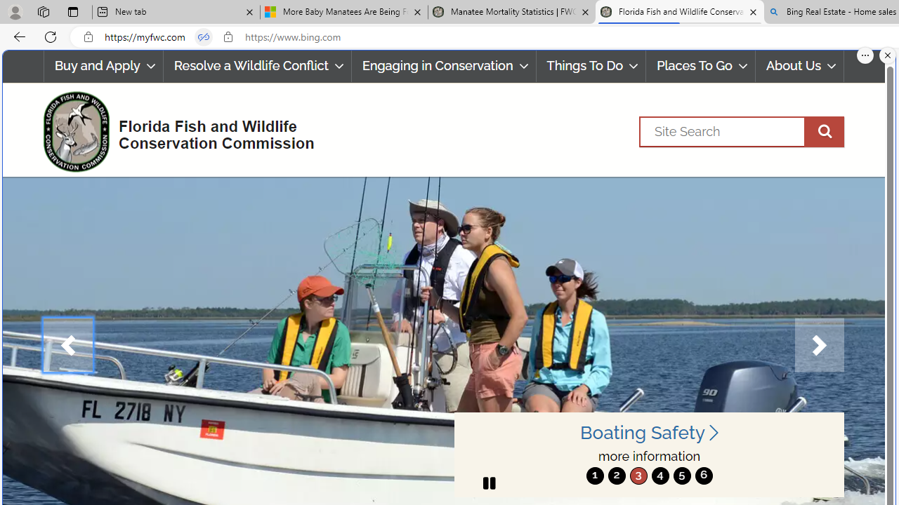  What do you see at coordinates (595, 475) in the screenshot?
I see `'move to slide 1'` at bounding box center [595, 475].